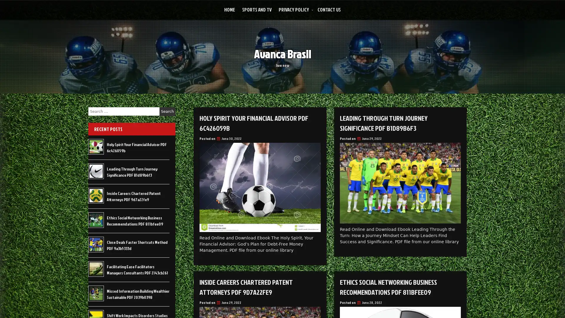 The image size is (565, 318). Describe the element at coordinates (167, 111) in the screenshot. I see `Search` at that location.